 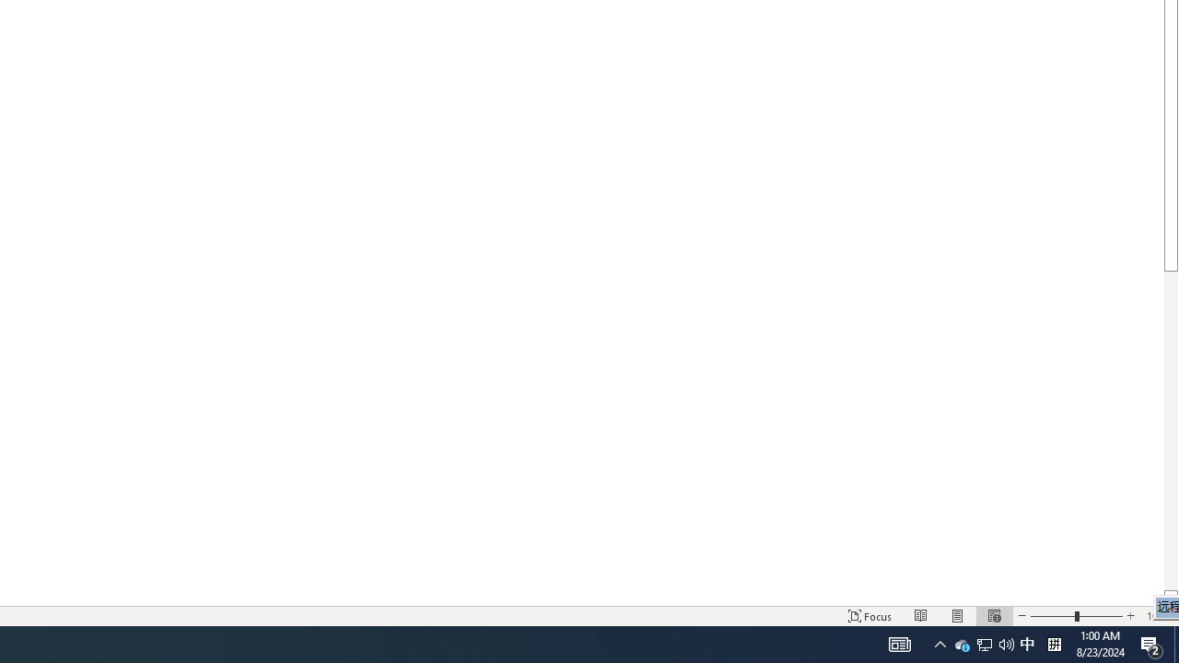 I want to click on 'Page down', so click(x=1170, y=431).